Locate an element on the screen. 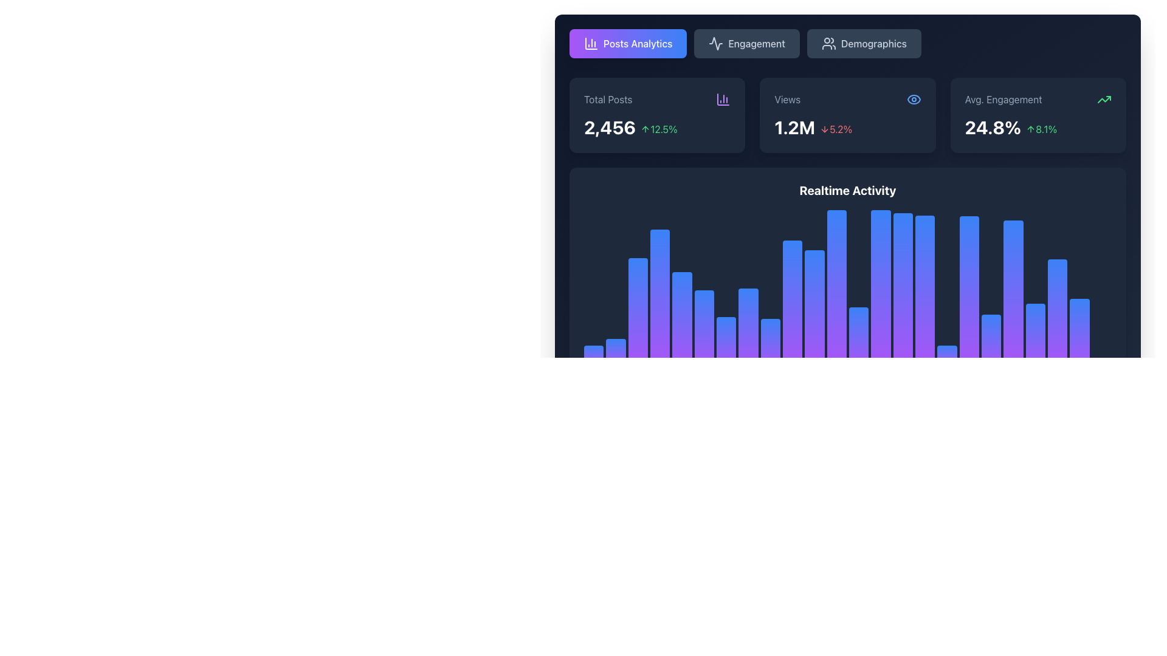  the 'Engagement' button, which is the second button in a group of three at the top of the page is located at coordinates (746, 43).